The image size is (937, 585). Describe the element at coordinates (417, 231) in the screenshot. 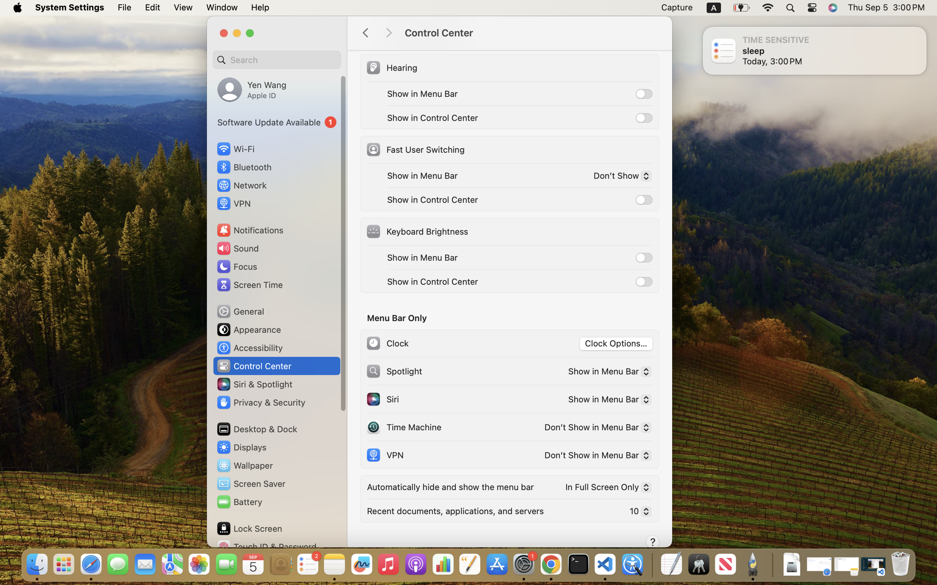

I see `'Keyboard Brightness'` at that location.